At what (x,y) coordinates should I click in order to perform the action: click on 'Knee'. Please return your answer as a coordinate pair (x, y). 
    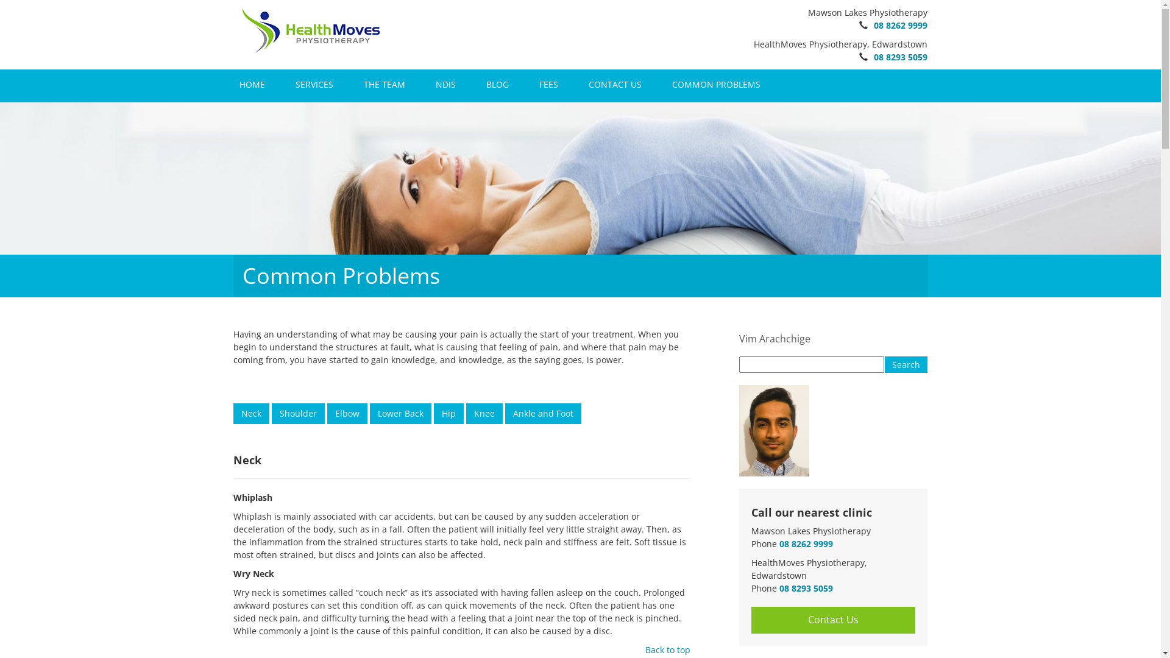
    Looking at the image, I should click on (483, 406).